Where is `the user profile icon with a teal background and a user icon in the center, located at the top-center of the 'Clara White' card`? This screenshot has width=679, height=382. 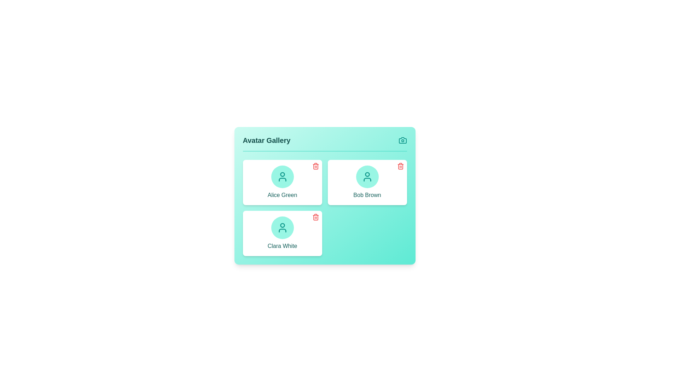 the user profile icon with a teal background and a user icon in the center, located at the top-center of the 'Clara White' card is located at coordinates (282, 228).